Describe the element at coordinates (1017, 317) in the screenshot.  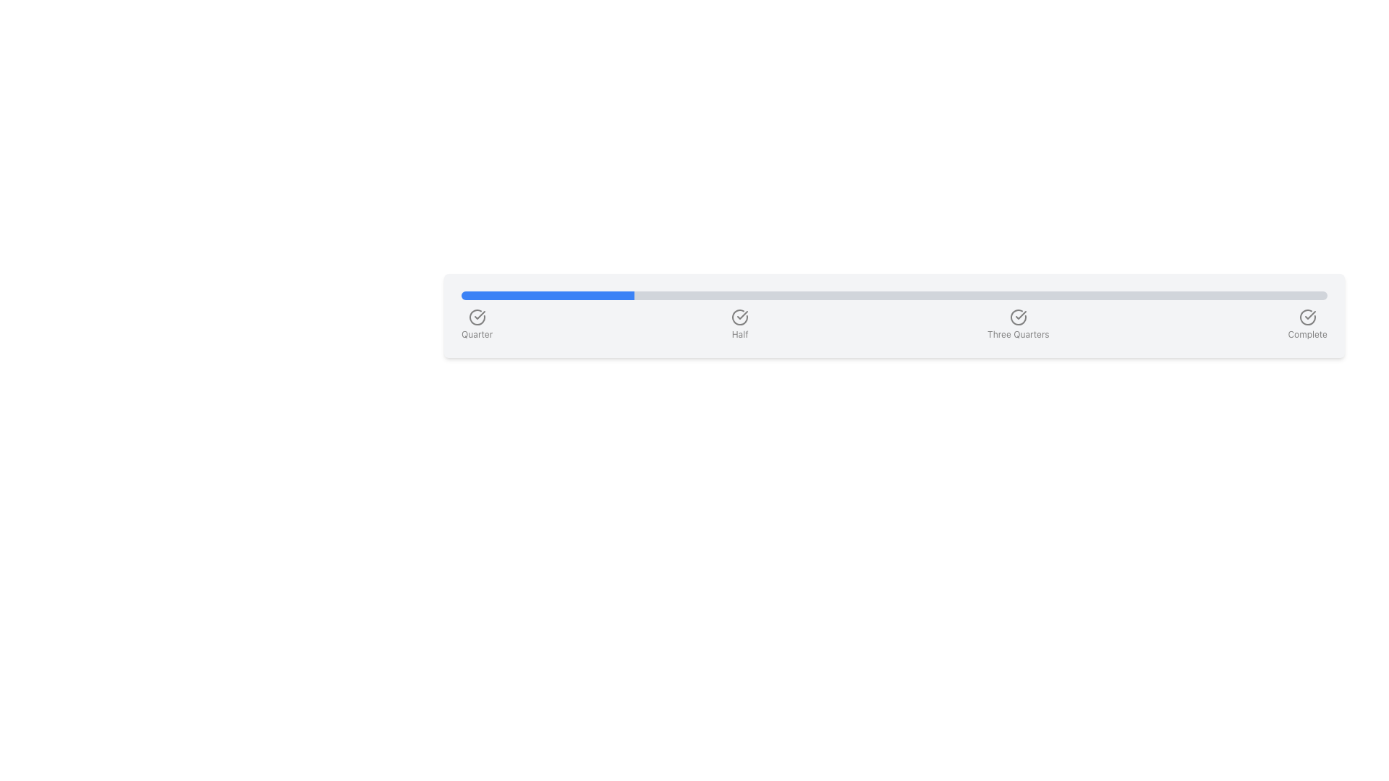
I see `the left arc of the SVG icon representing a circular checkmark in the third progress step labeled 'Three Quarters'` at that location.